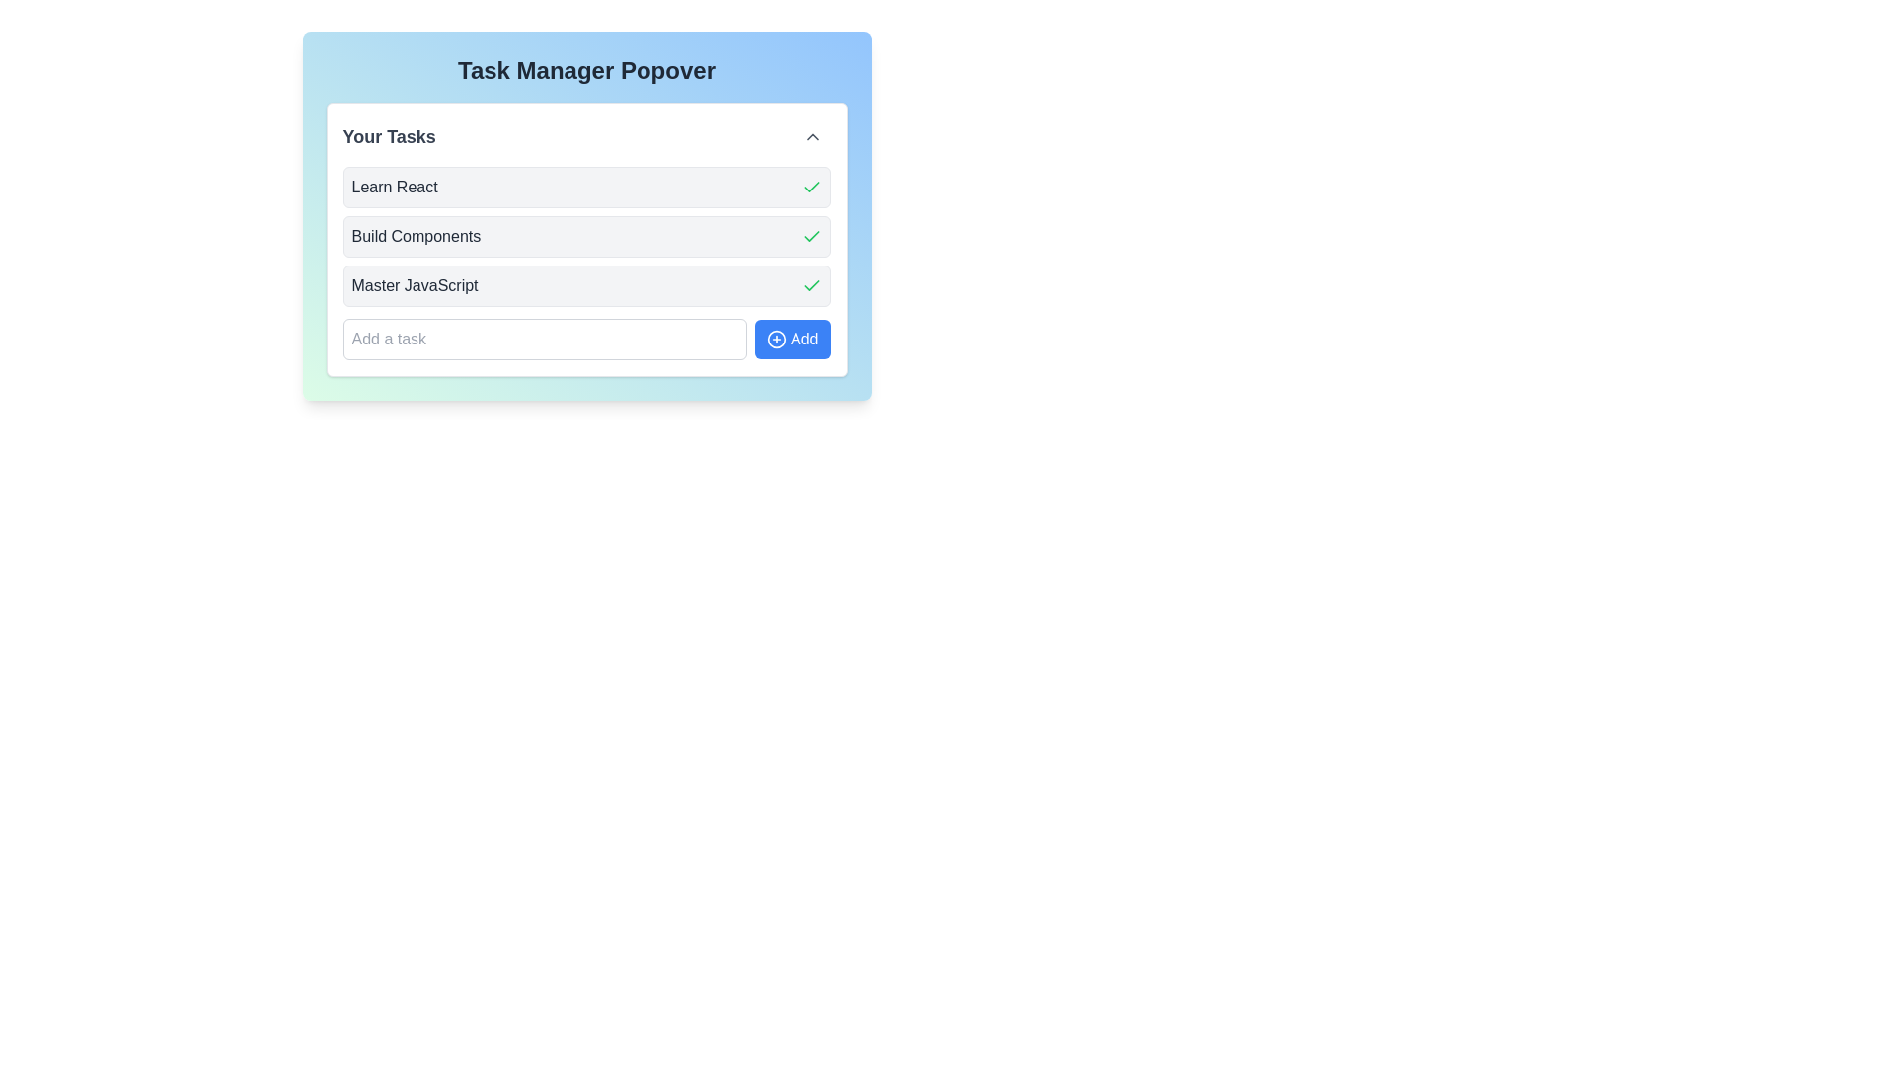 The image size is (1895, 1066). I want to click on the button located in the upper-right corner of the white task area box, so click(812, 135).